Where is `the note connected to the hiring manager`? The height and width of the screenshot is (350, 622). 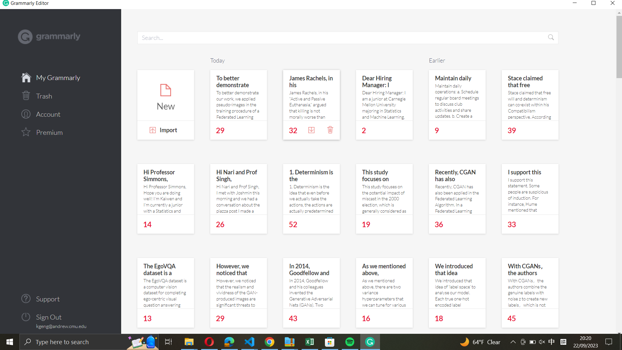 the note connected to the hiring manager is located at coordinates (384, 96).